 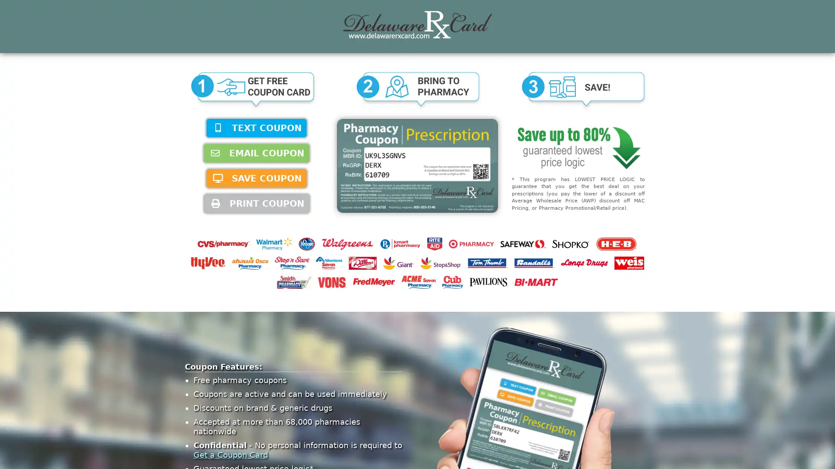 What do you see at coordinates (256, 128) in the screenshot?
I see `TEXT COUPON` at bounding box center [256, 128].